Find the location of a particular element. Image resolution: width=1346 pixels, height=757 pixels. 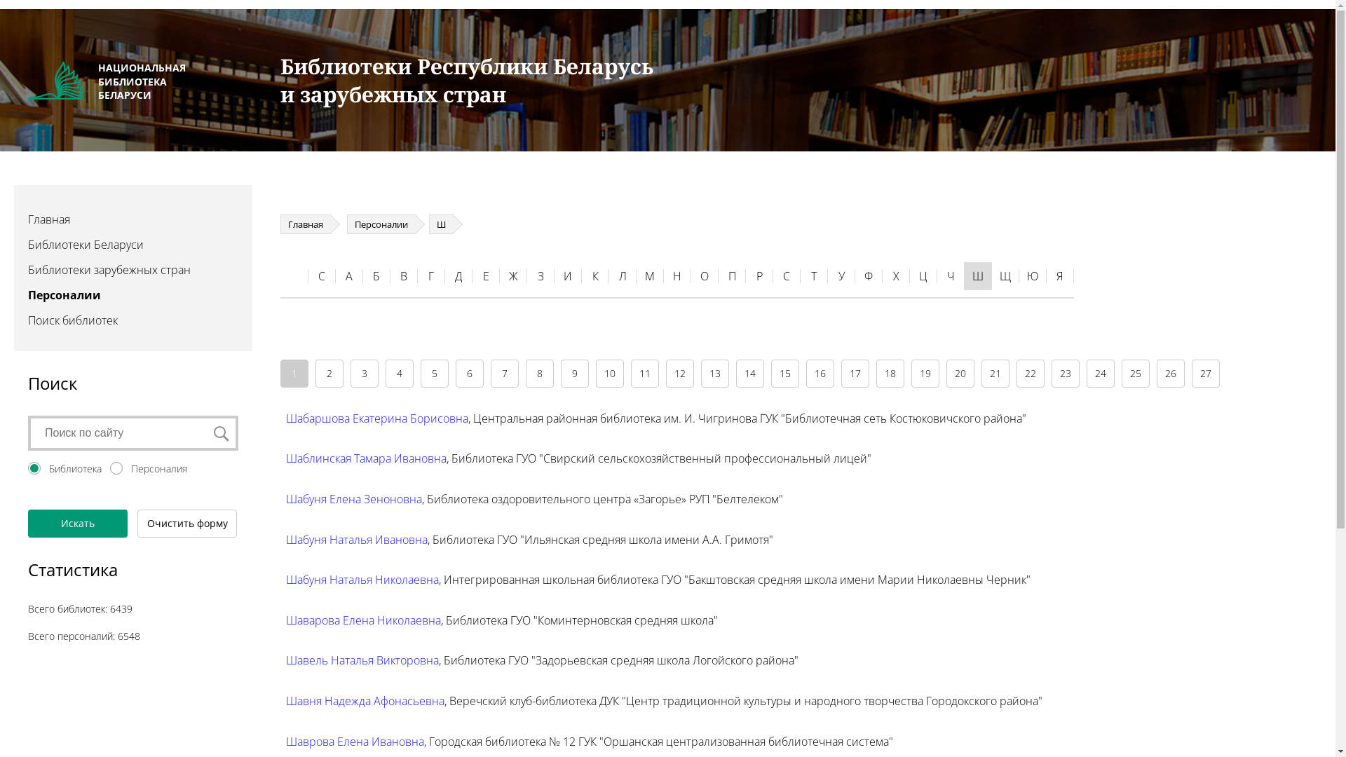

'19' is located at coordinates (925, 372).